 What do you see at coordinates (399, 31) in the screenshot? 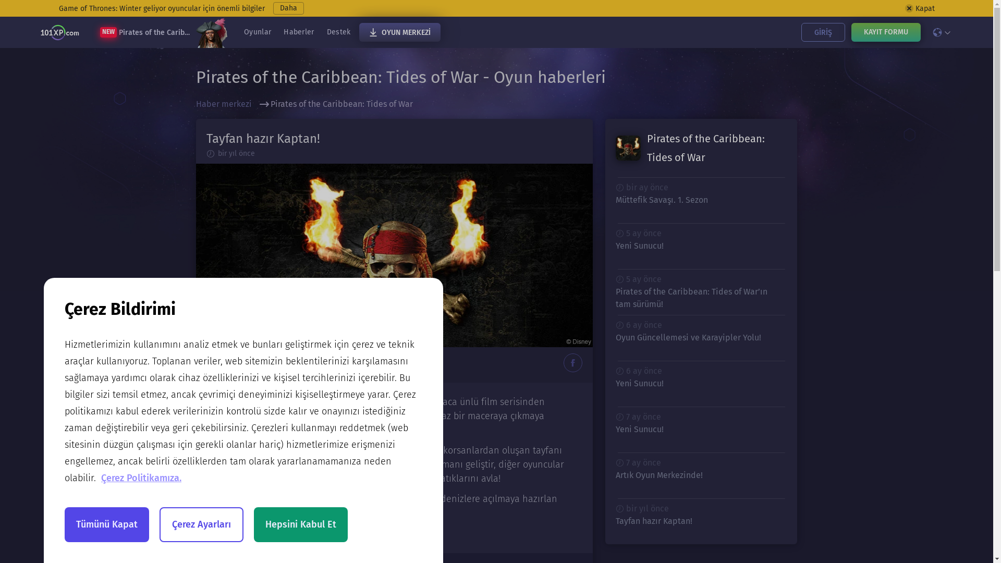
I see `'OYUN MERKEZI'` at bounding box center [399, 31].